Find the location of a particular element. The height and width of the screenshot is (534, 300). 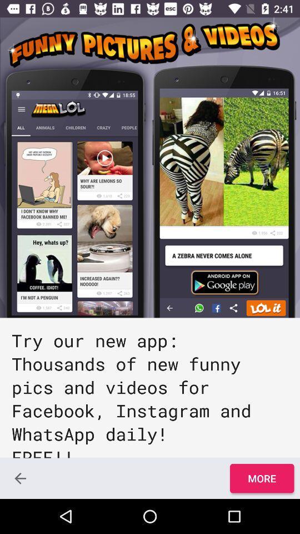

more icon is located at coordinates (262, 478).